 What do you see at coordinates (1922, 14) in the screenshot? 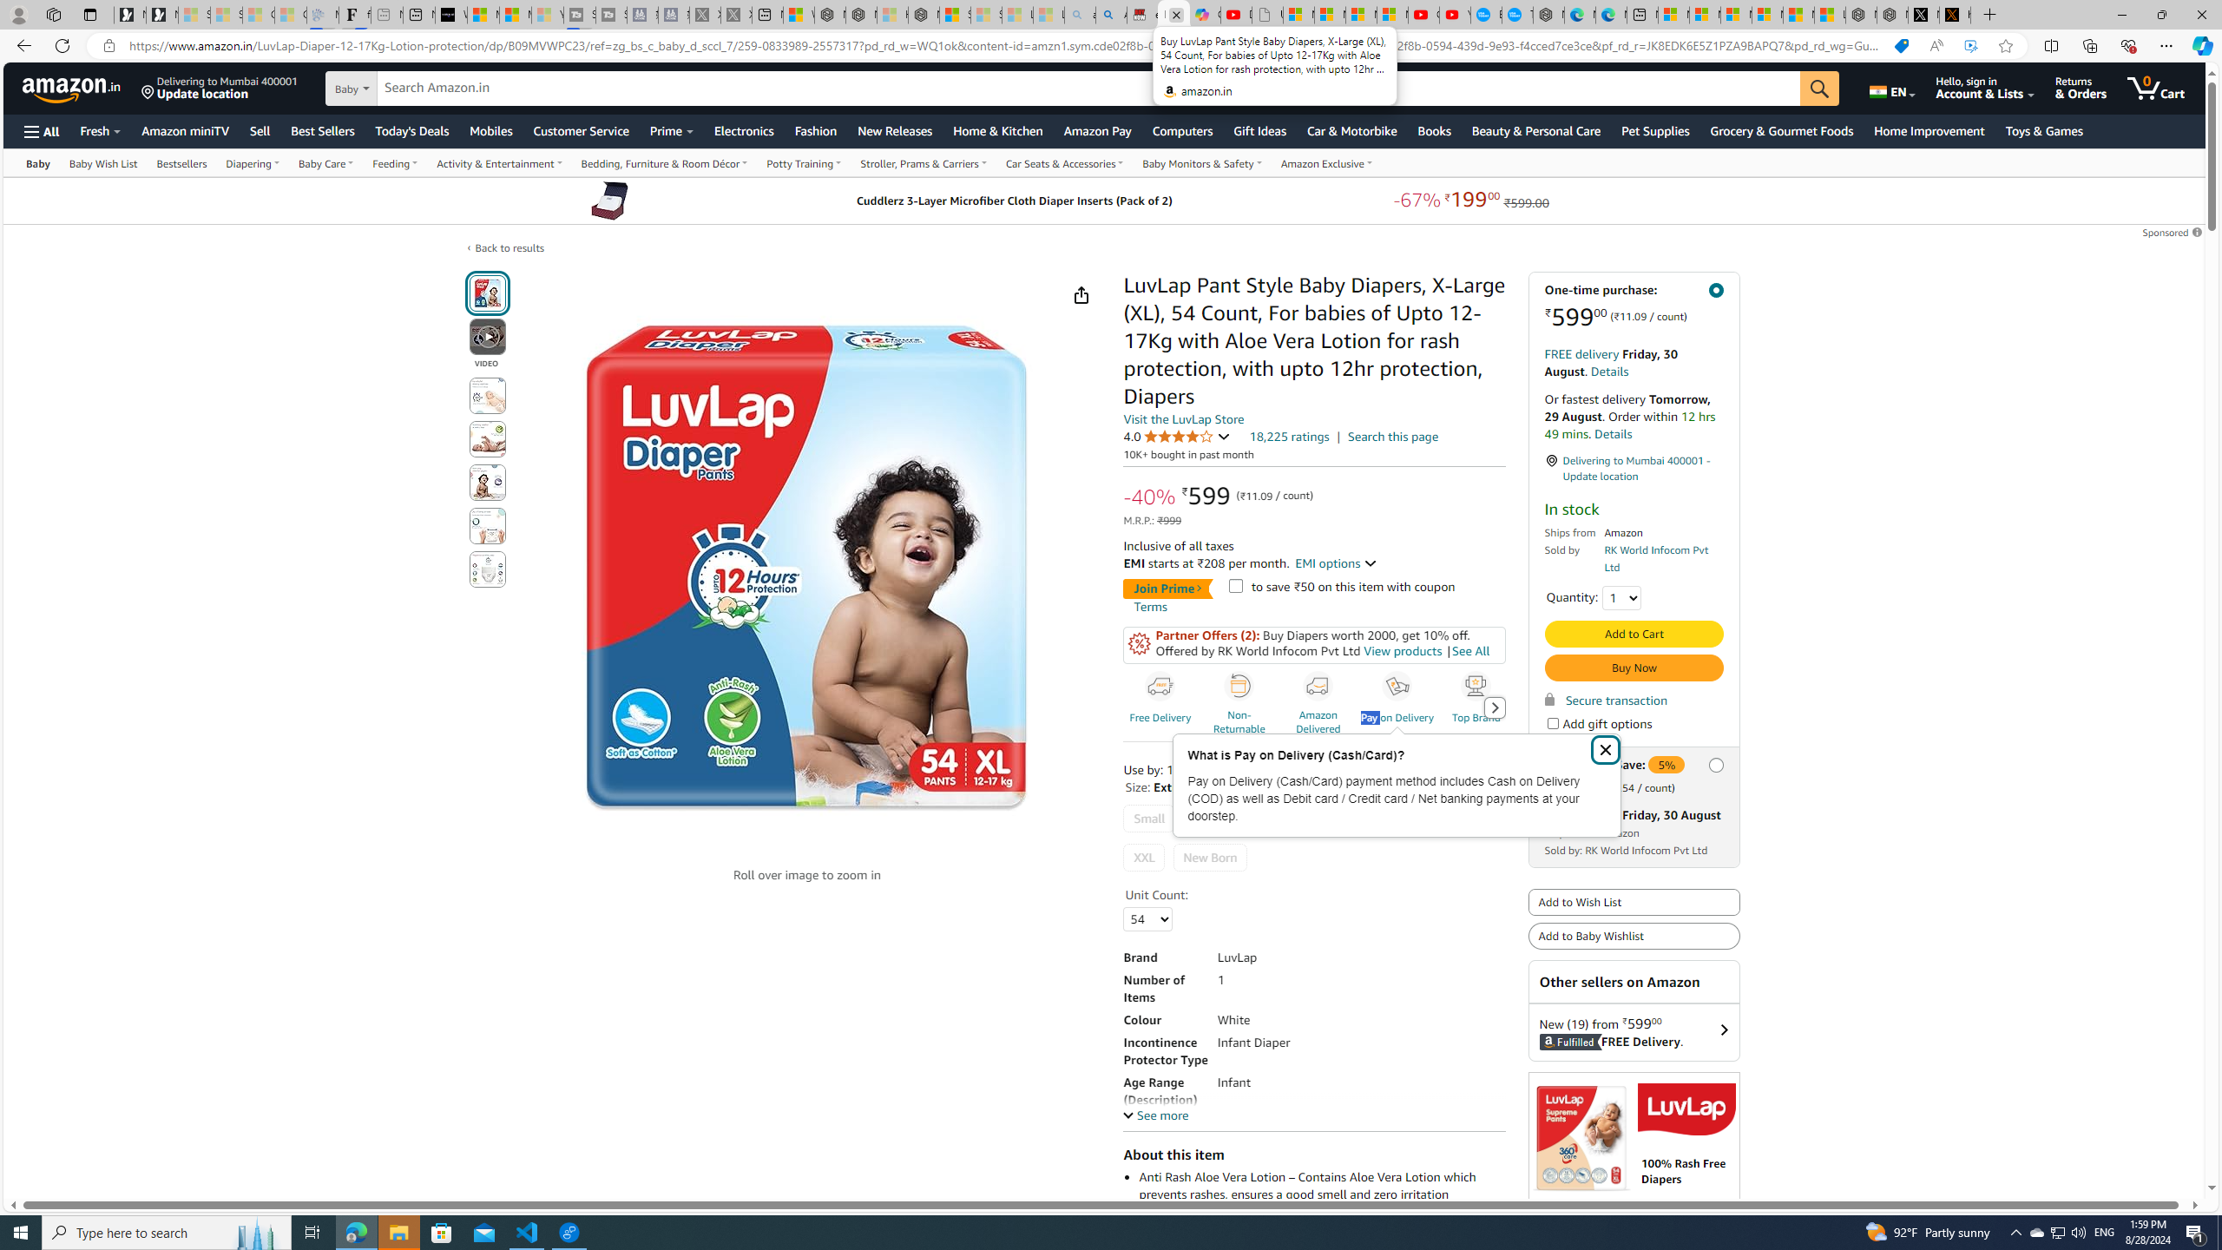
I see `'Nordace (@NordaceOfficial) / X'` at bounding box center [1922, 14].